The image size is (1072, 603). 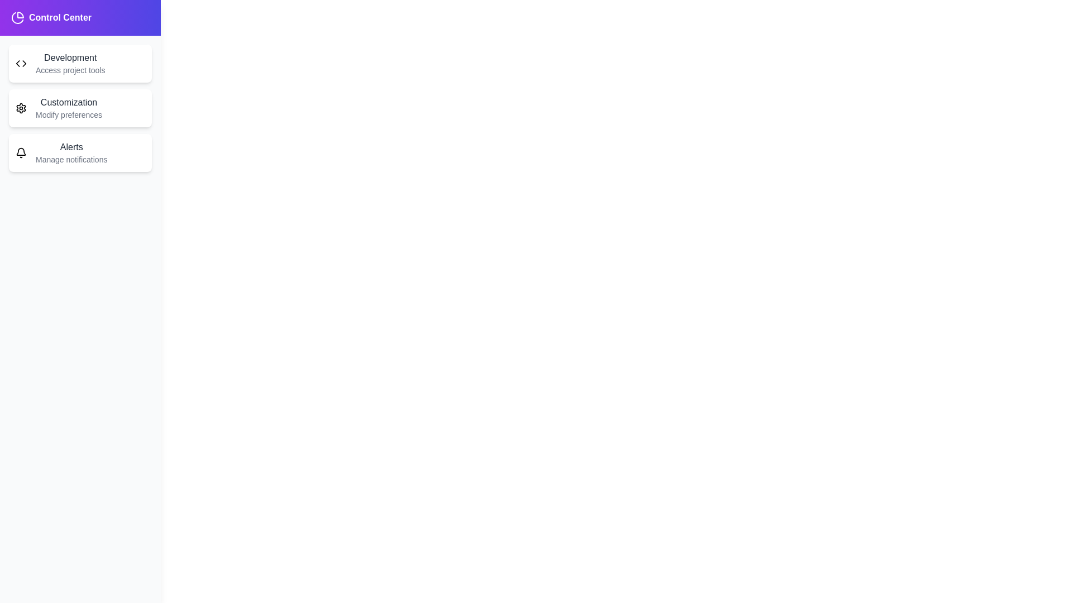 What do you see at coordinates (80, 152) in the screenshot?
I see `the menu item Alerts in the drawer` at bounding box center [80, 152].